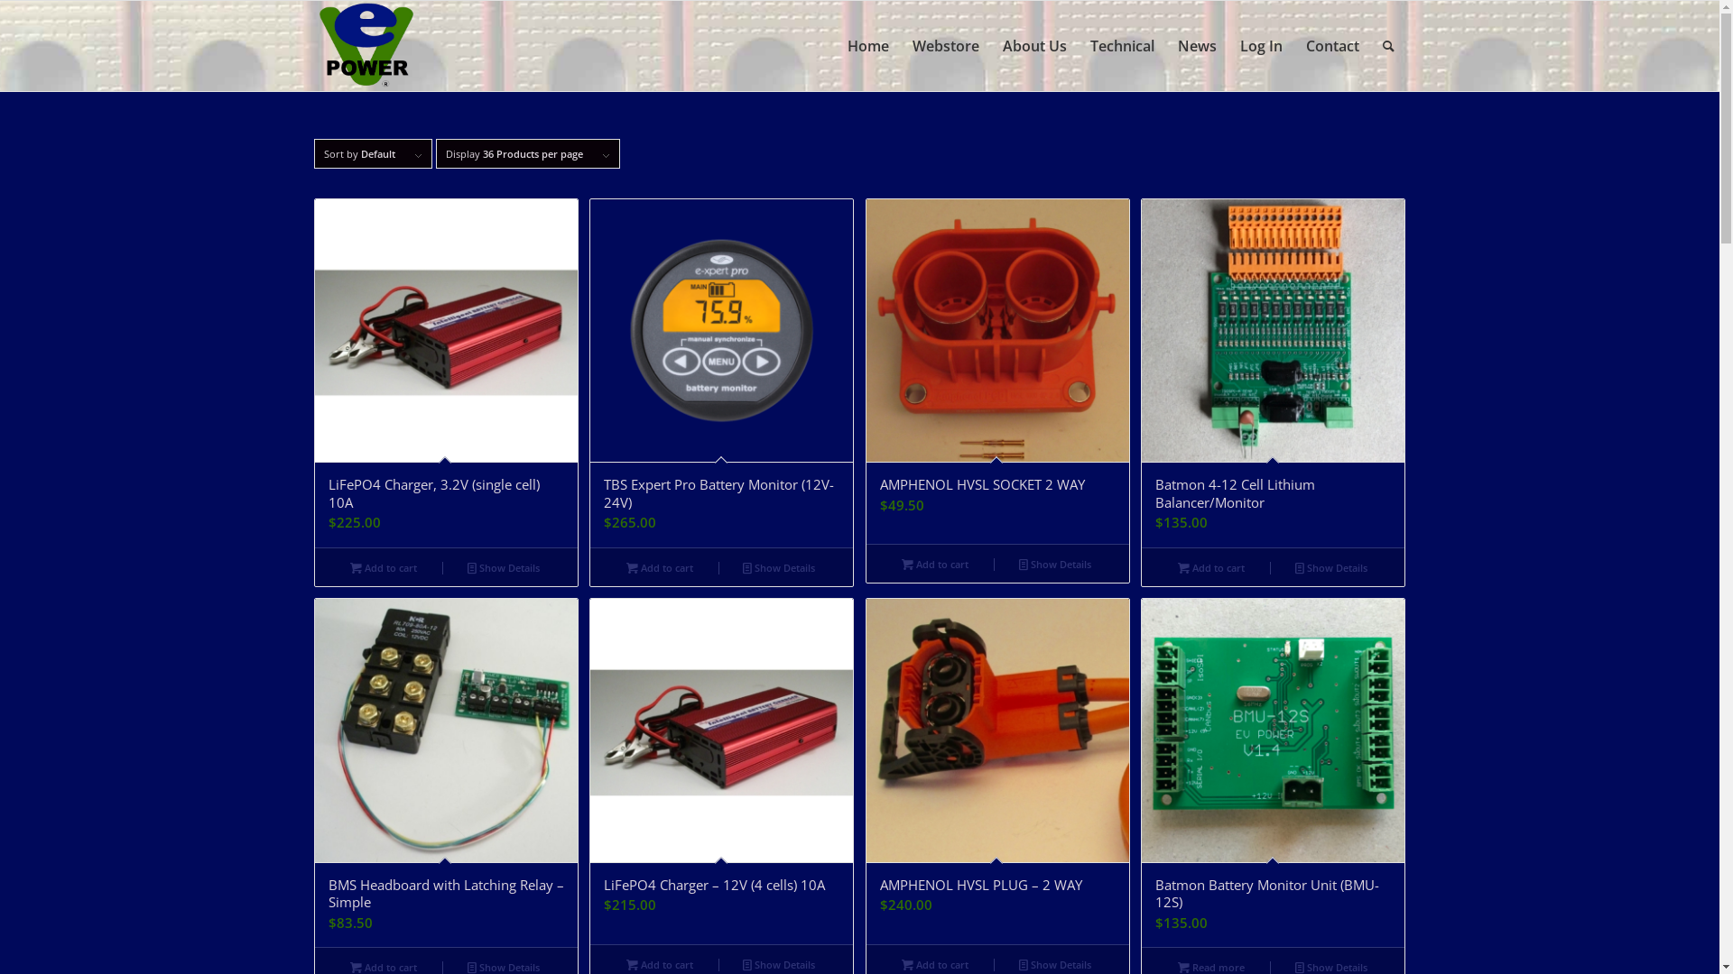  What do you see at coordinates (1034, 44) in the screenshot?
I see `'About Us'` at bounding box center [1034, 44].